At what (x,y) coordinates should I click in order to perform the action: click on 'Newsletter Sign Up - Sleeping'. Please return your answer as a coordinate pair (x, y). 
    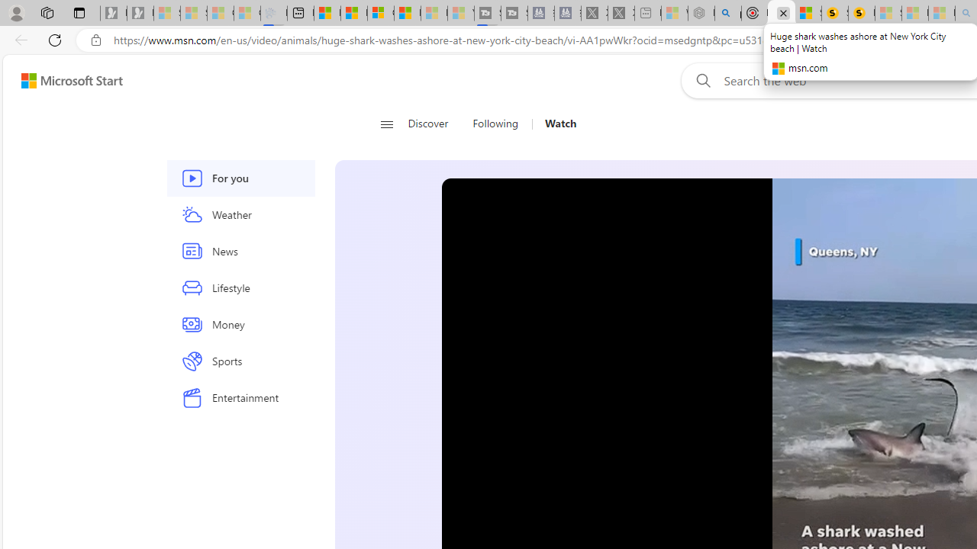
    Looking at the image, I should click on (140, 13).